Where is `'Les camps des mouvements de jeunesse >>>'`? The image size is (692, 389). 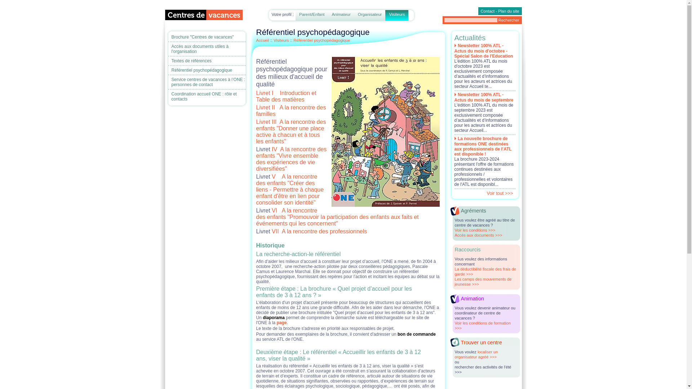 'Les camps des mouvements de jeunesse >>>' is located at coordinates (483, 281).